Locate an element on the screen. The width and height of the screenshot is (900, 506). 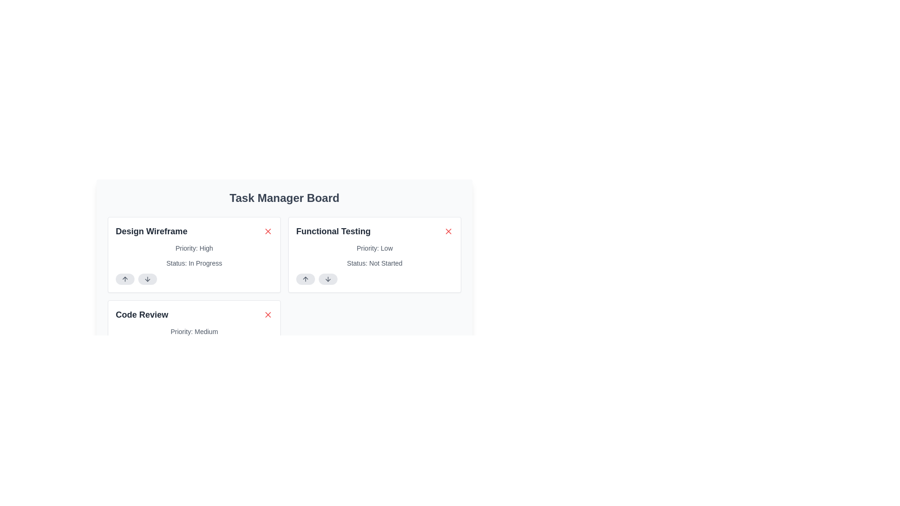
the textual information displayed on the second task card in the 'Task Manager Board', which shows the task's title, priority, and status is located at coordinates (374, 254).